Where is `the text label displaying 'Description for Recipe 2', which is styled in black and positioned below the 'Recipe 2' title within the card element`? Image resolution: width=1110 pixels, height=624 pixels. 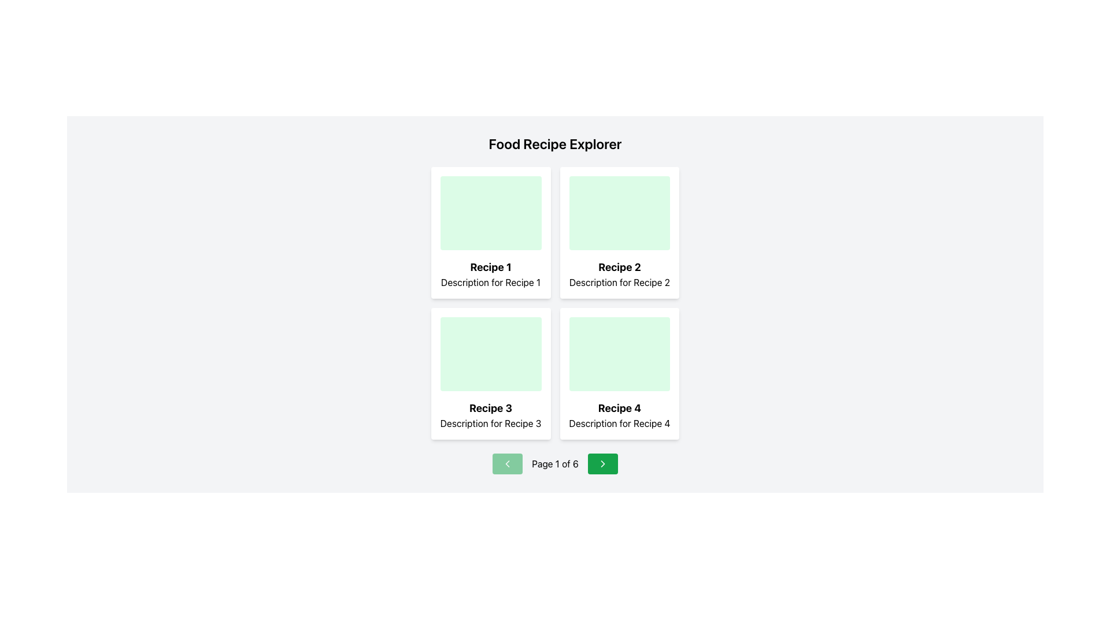
the text label displaying 'Description for Recipe 2', which is styled in black and positioned below the 'Recipe 2' title within the card element is located at coordinates (619, 283).